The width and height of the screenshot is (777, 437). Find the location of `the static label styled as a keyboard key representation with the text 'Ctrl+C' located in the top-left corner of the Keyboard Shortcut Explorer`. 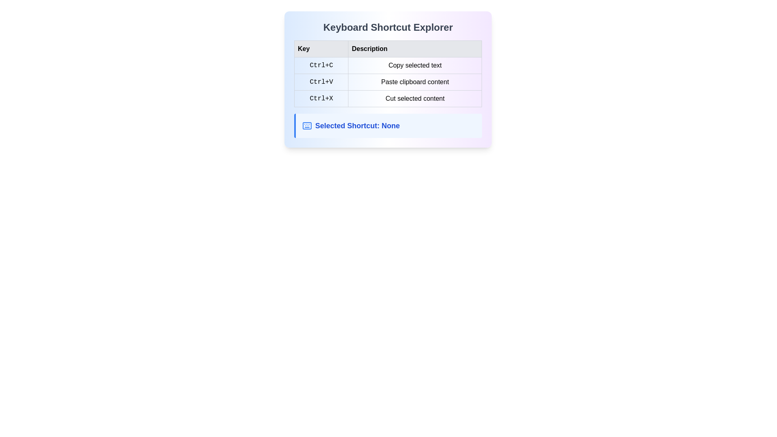

the static label styled as a keyboard key representation with the text 'Ctrl+C' located in the top-left corner of the Keyboard Shortcut Explorer is located at coordinates (321, 65).